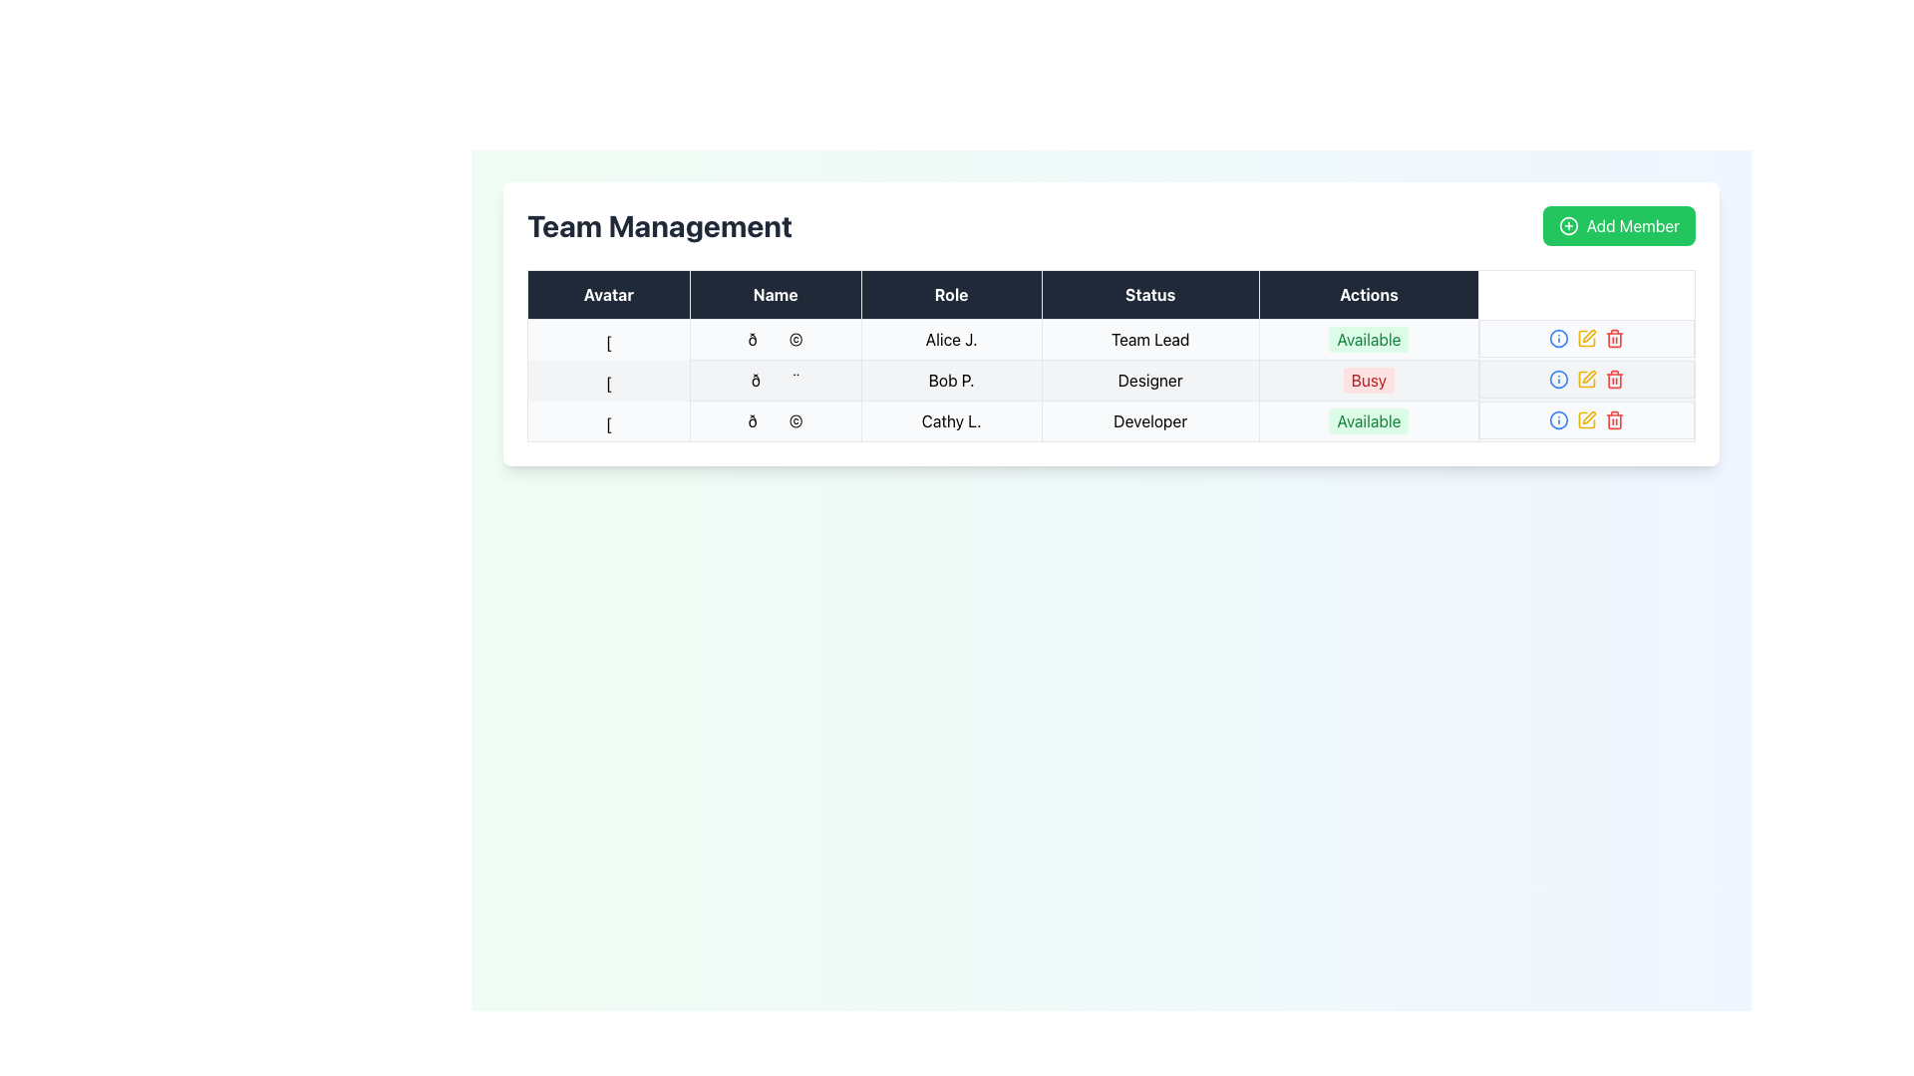  Describe the element at coordinates (950, 420) in the screenshot. I see `the static text element displaying the name 'Cathy L.' in the team management table, located in the third row under the 'Name' column` at that location.